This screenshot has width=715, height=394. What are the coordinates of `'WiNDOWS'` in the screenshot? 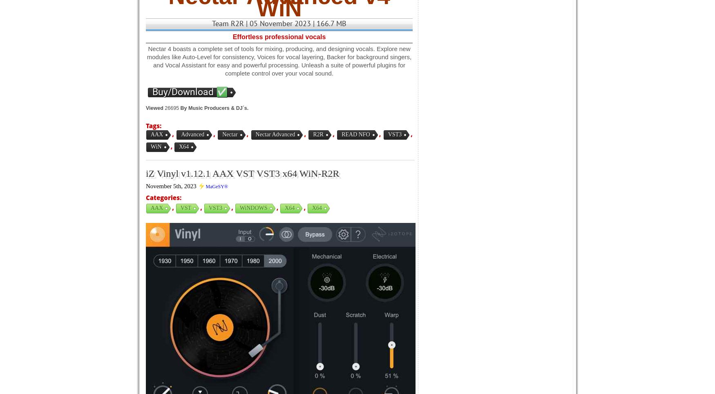 It's located at (253, 208).